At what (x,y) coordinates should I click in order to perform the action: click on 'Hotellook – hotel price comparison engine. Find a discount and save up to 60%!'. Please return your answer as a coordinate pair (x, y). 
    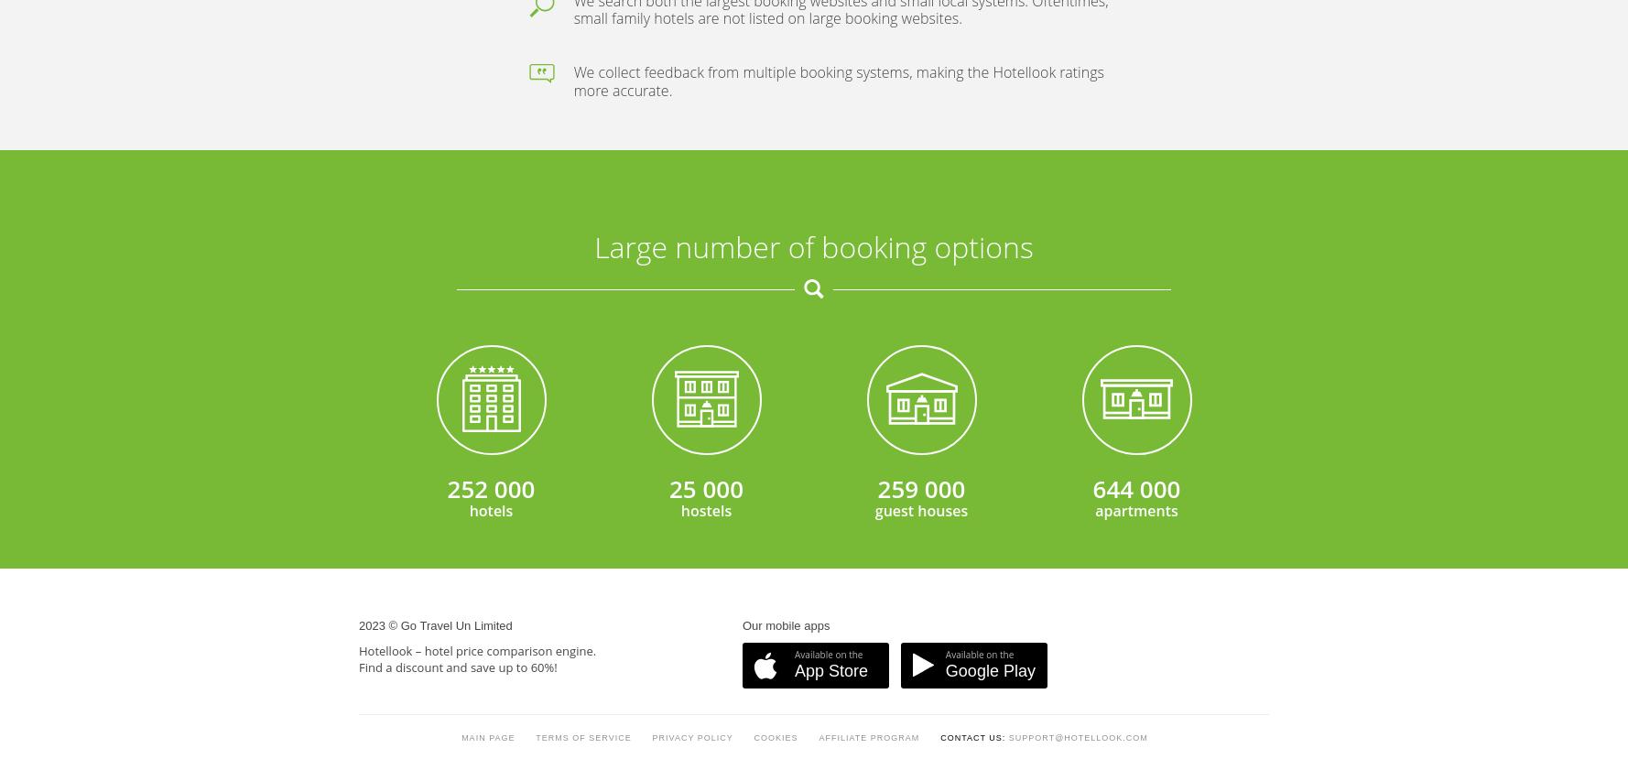
    Looking at the image, I should click on (477, 212).